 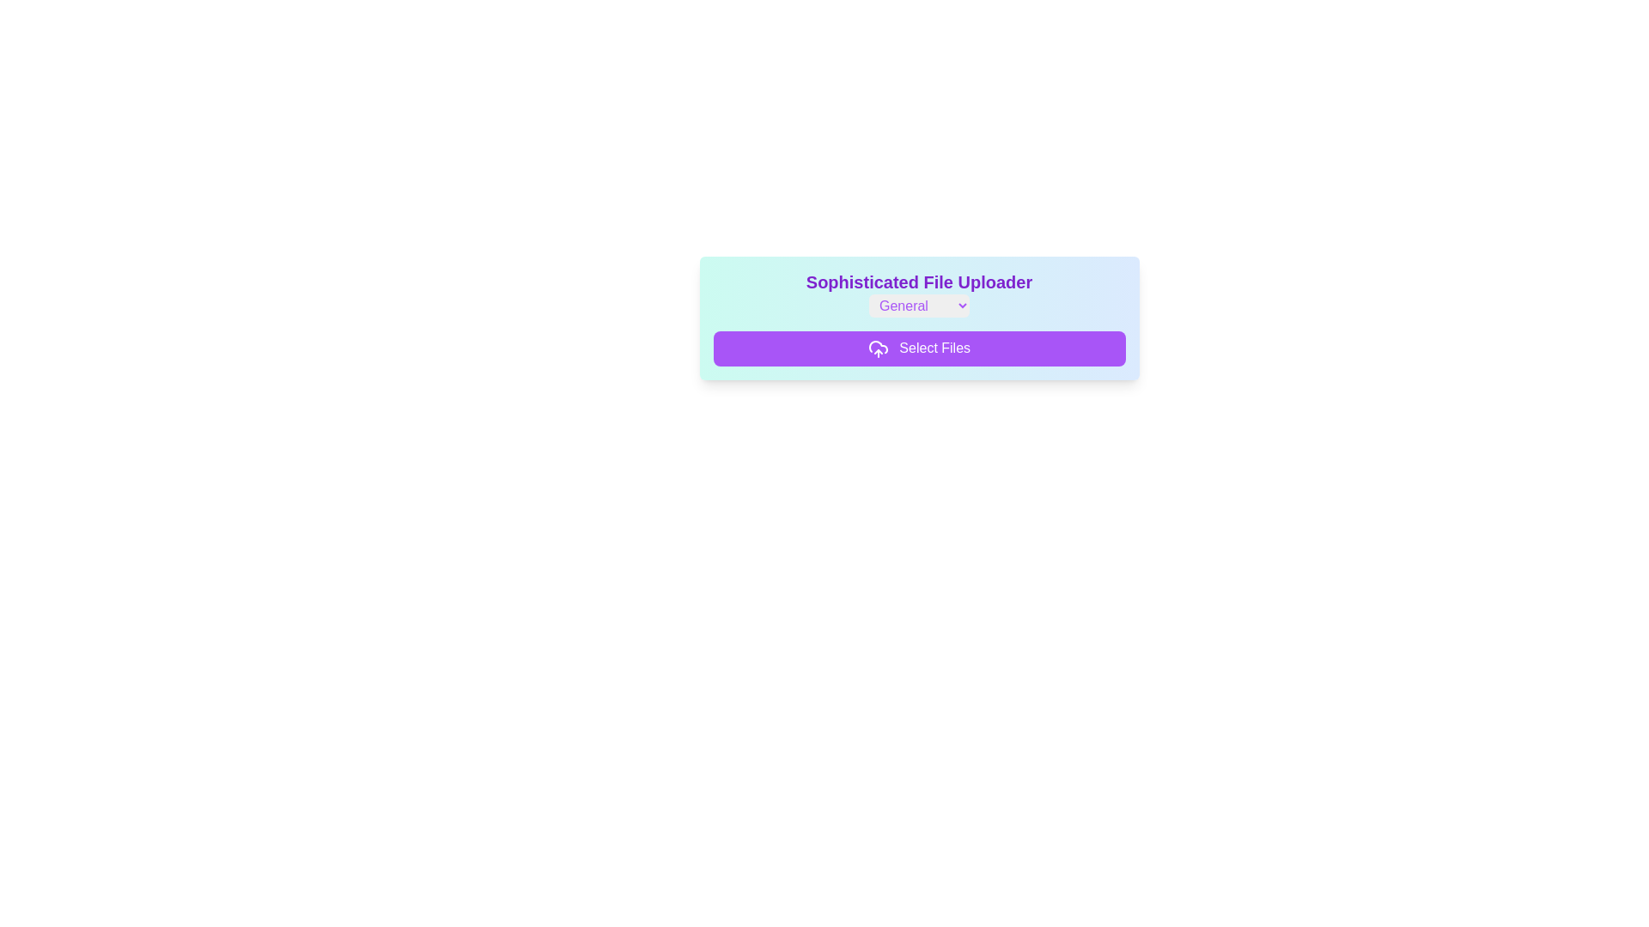 What do you see at coordinates (918, 305) in the screenshot?
I see `the dropdown menu located beneath the 'Sophisticated File Uploader' title` at bounding box center [918, 305].